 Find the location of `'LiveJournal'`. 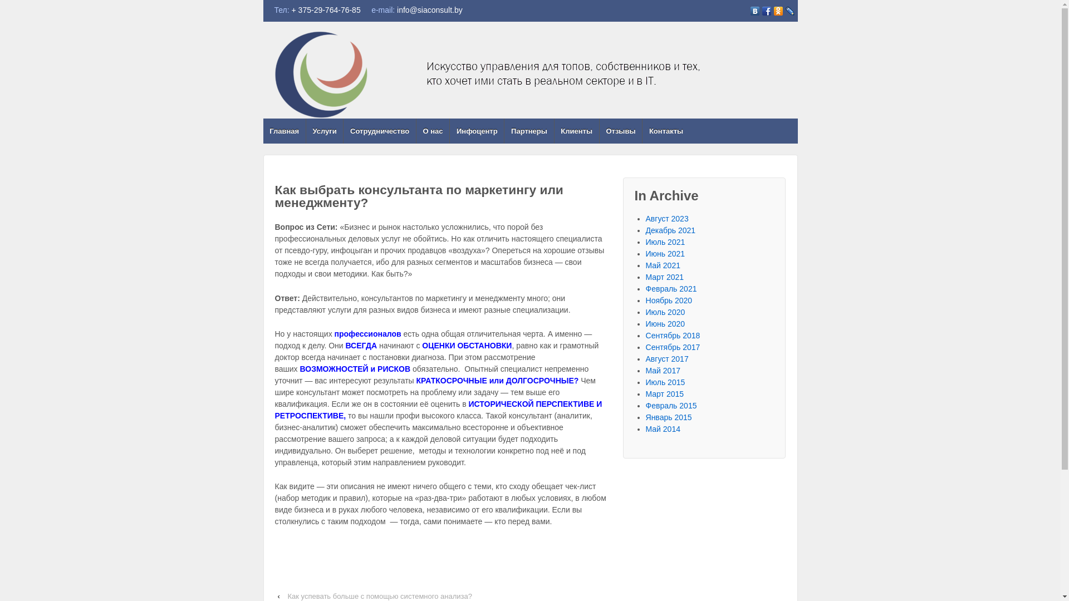

'LiveJournal' is located at coordinates (789, 11).